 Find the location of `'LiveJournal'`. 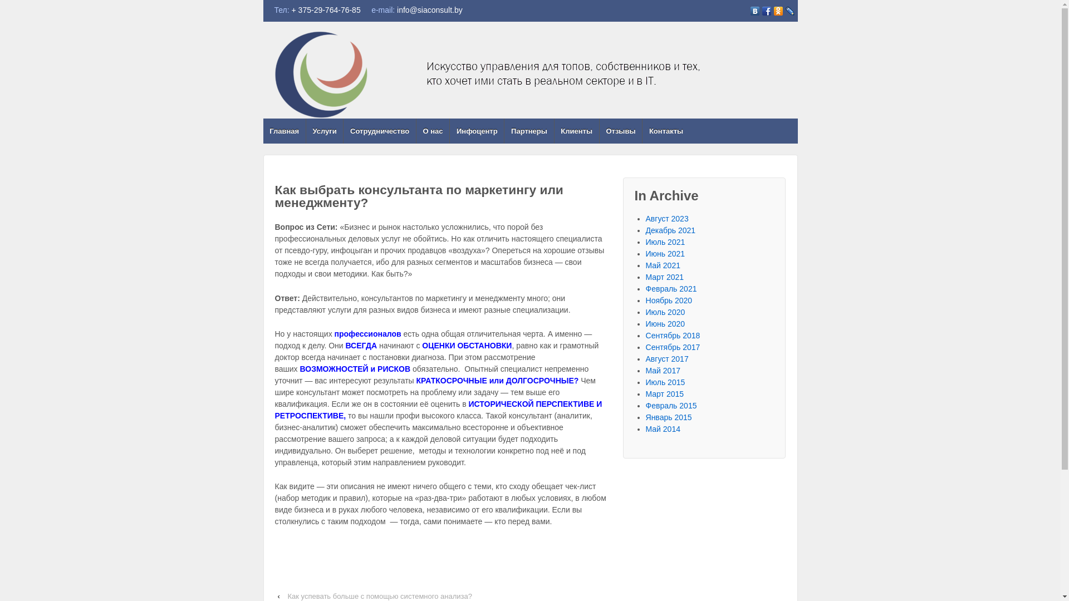

'LiveJournal' is located at coordinates (789, 11).